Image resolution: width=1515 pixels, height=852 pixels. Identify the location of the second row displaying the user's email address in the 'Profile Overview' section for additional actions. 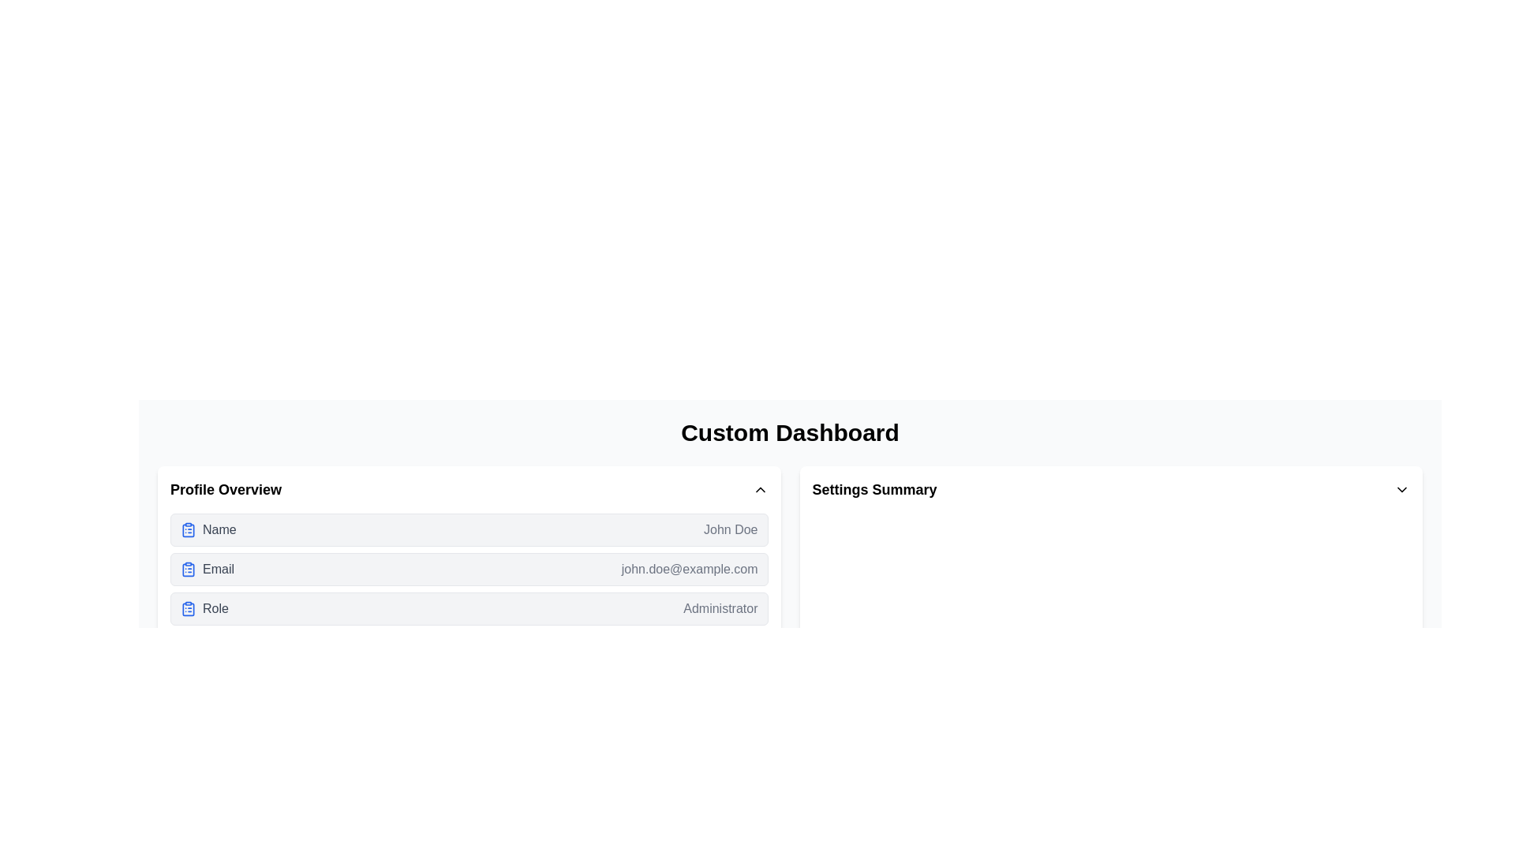
(468, 569).